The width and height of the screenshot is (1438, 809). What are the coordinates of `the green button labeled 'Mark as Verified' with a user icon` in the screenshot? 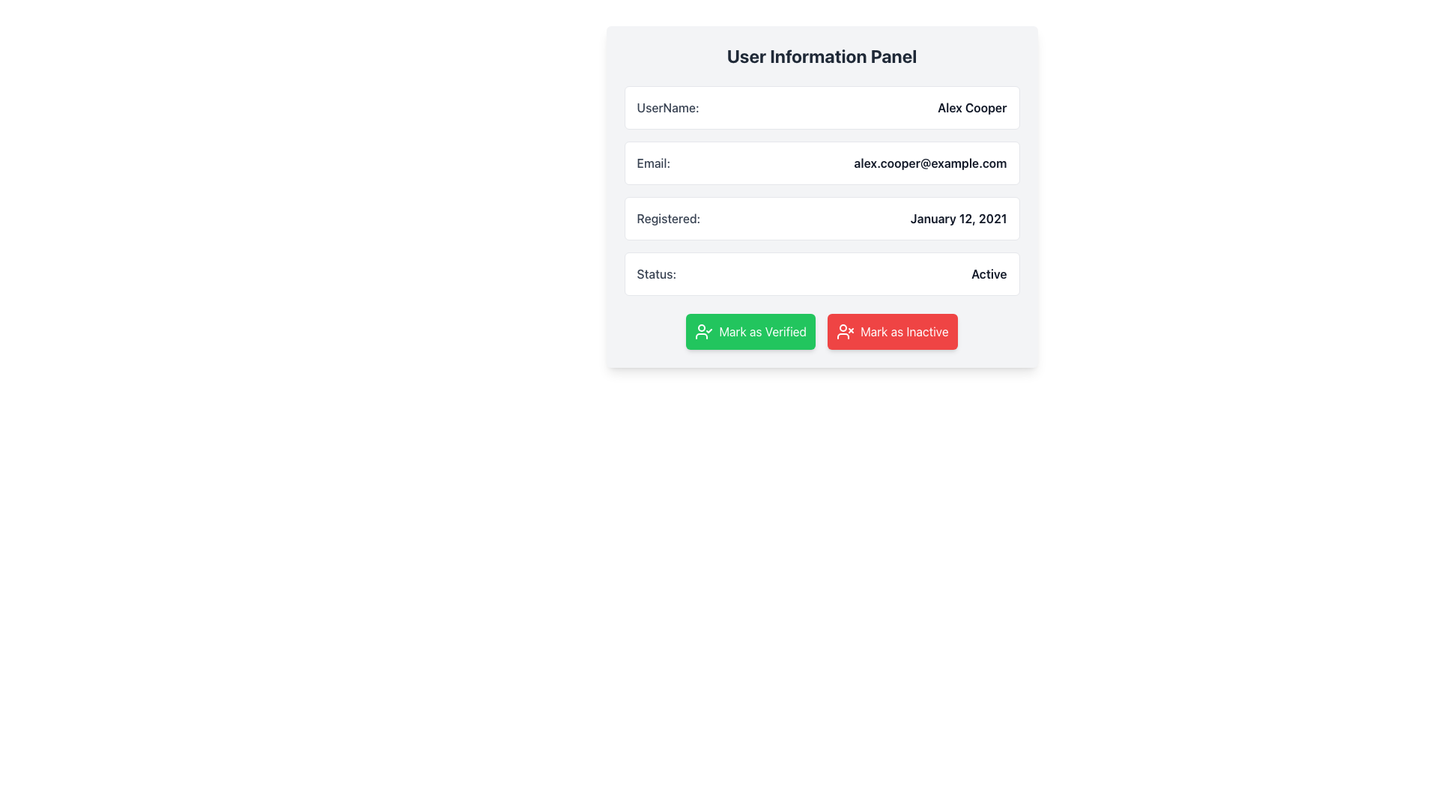 It's located at (750, 331).